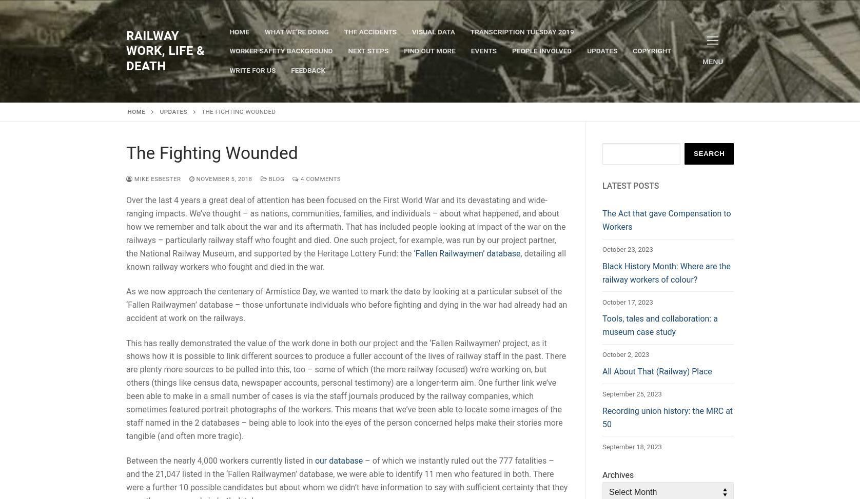 The height and width of the screenshot is (499, 860). What do you see at coordinates (281, 50) in the screenshot?
I see `'Worker Safety Background'` at bounding box center [281, 50].